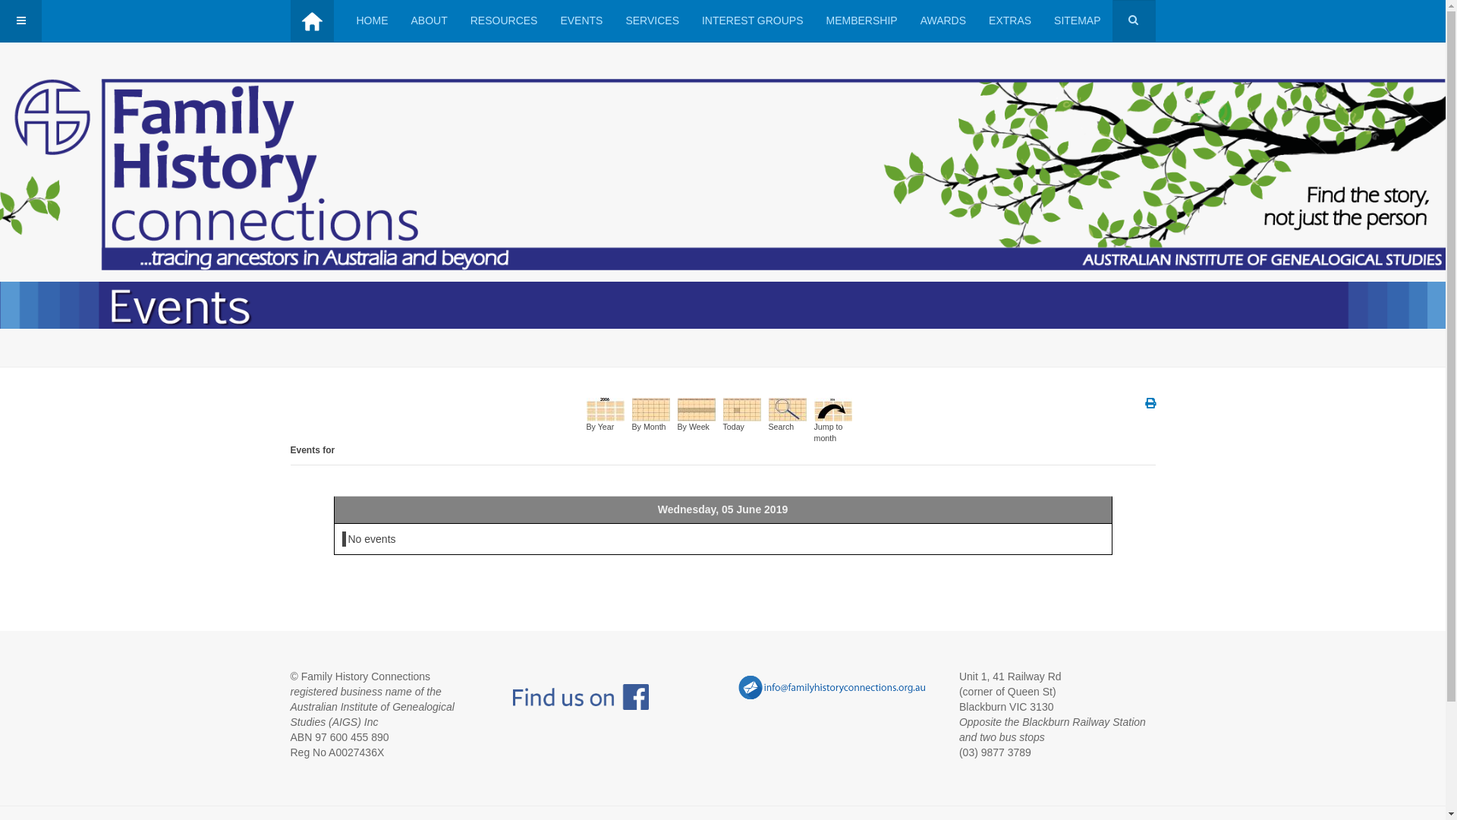 The height and width of the screenshot is (820, 1457). What do you see at coordinates (768, 407) in the screenshot?
I see `'Search'` at bounding box center [768, 407].